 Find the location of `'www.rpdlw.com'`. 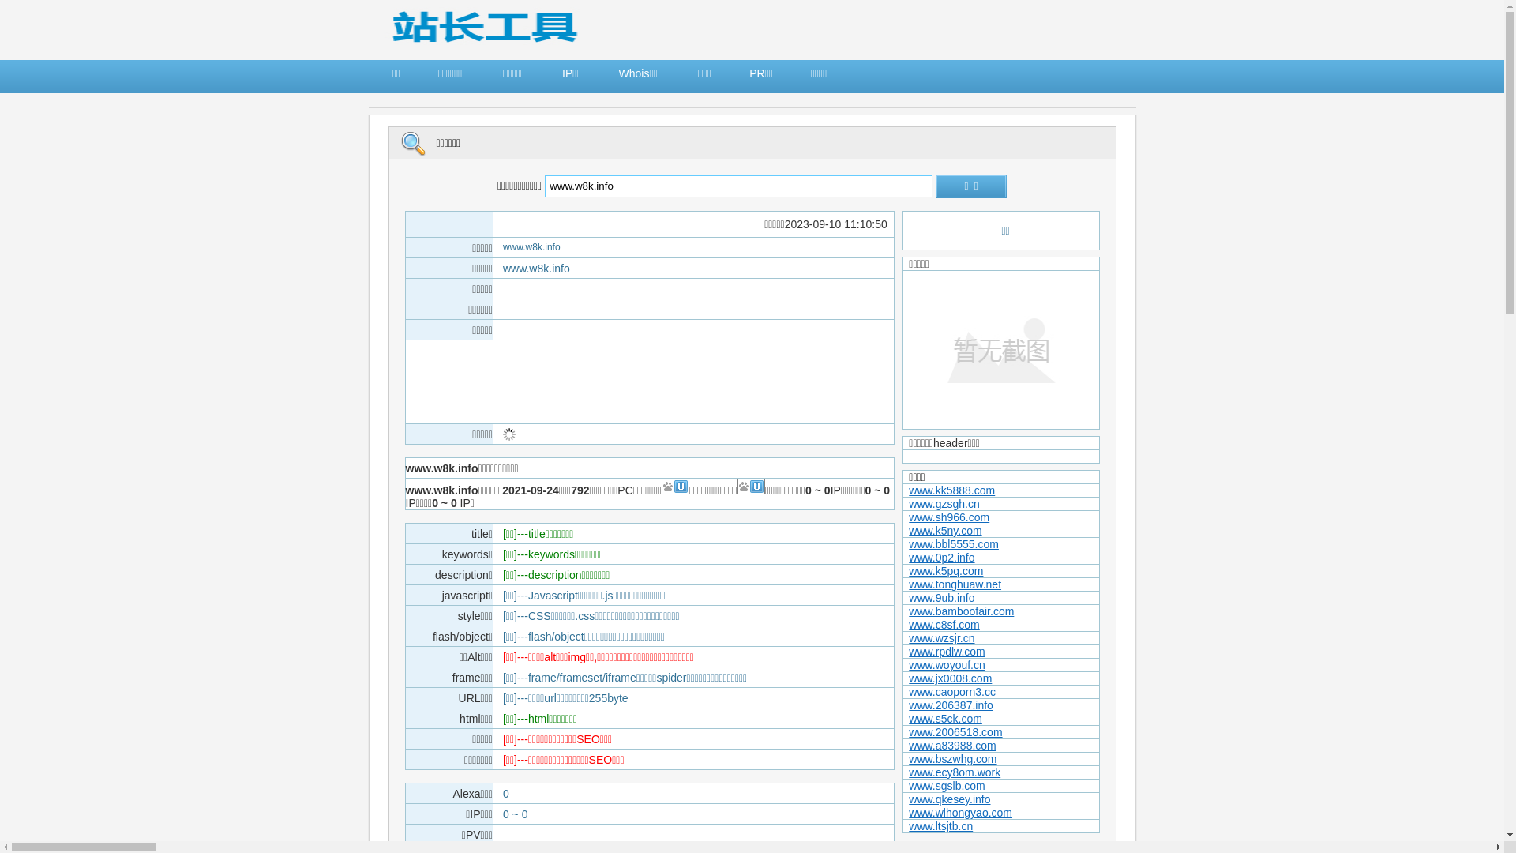

'www.rpdlw.com' is located at coordinates (909, 652).